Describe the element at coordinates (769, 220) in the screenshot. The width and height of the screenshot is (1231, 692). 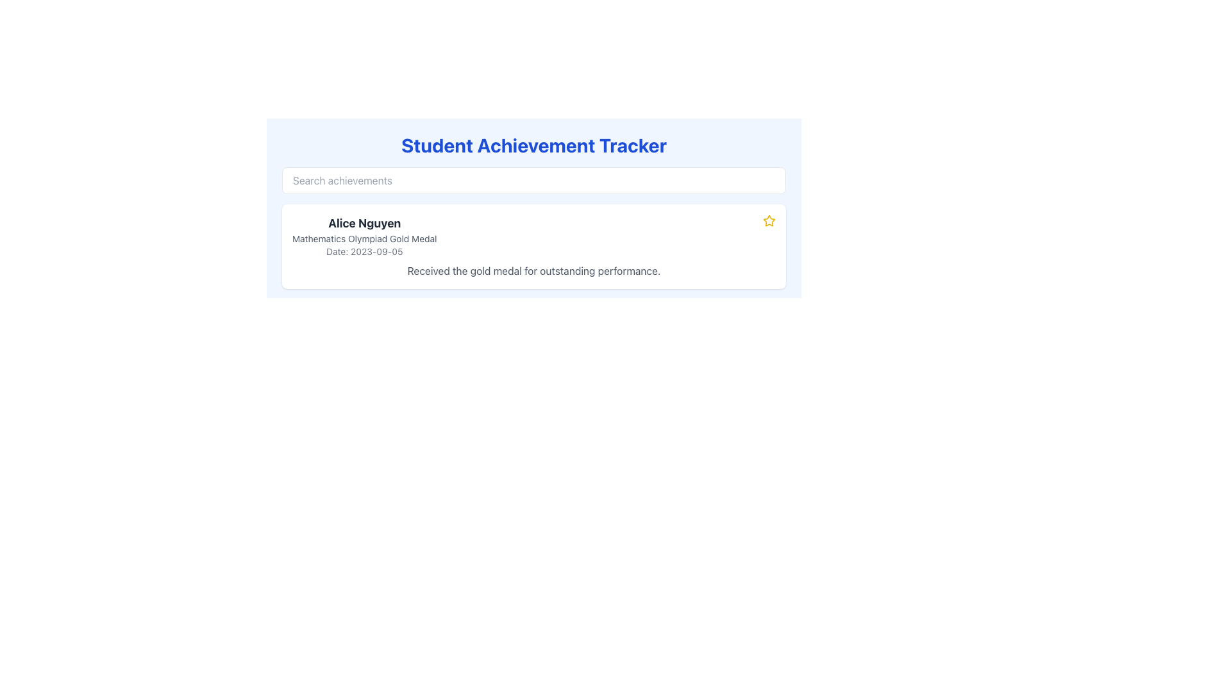
I see `the achievement icon located at the far-right end of the information row that displays 'Alice Nguyen, Mathematics Olympiad Gold Medal, Date: 2023-09-05'` at that location.